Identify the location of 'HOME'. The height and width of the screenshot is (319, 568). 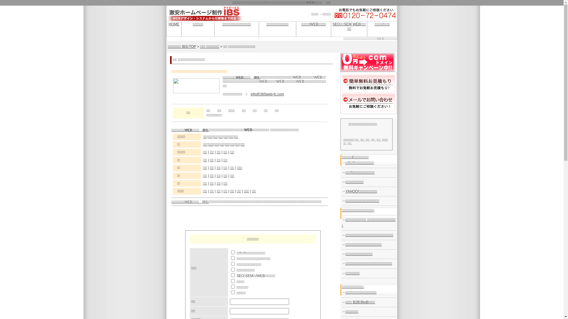
(168, 24).